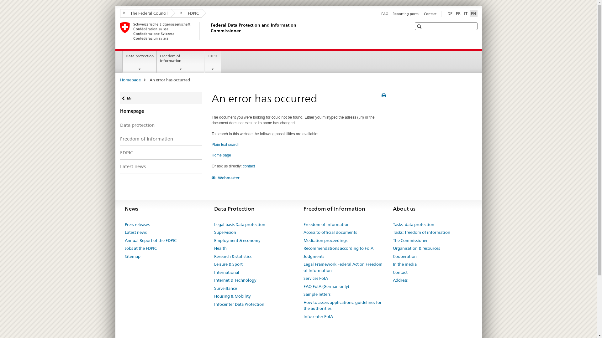 The width and height of the screenshot is (602, 338). What do you see at coordinates (410, 240) in the screenshot?
I see `'The Commissioner'` at bounding box center [410, 240].